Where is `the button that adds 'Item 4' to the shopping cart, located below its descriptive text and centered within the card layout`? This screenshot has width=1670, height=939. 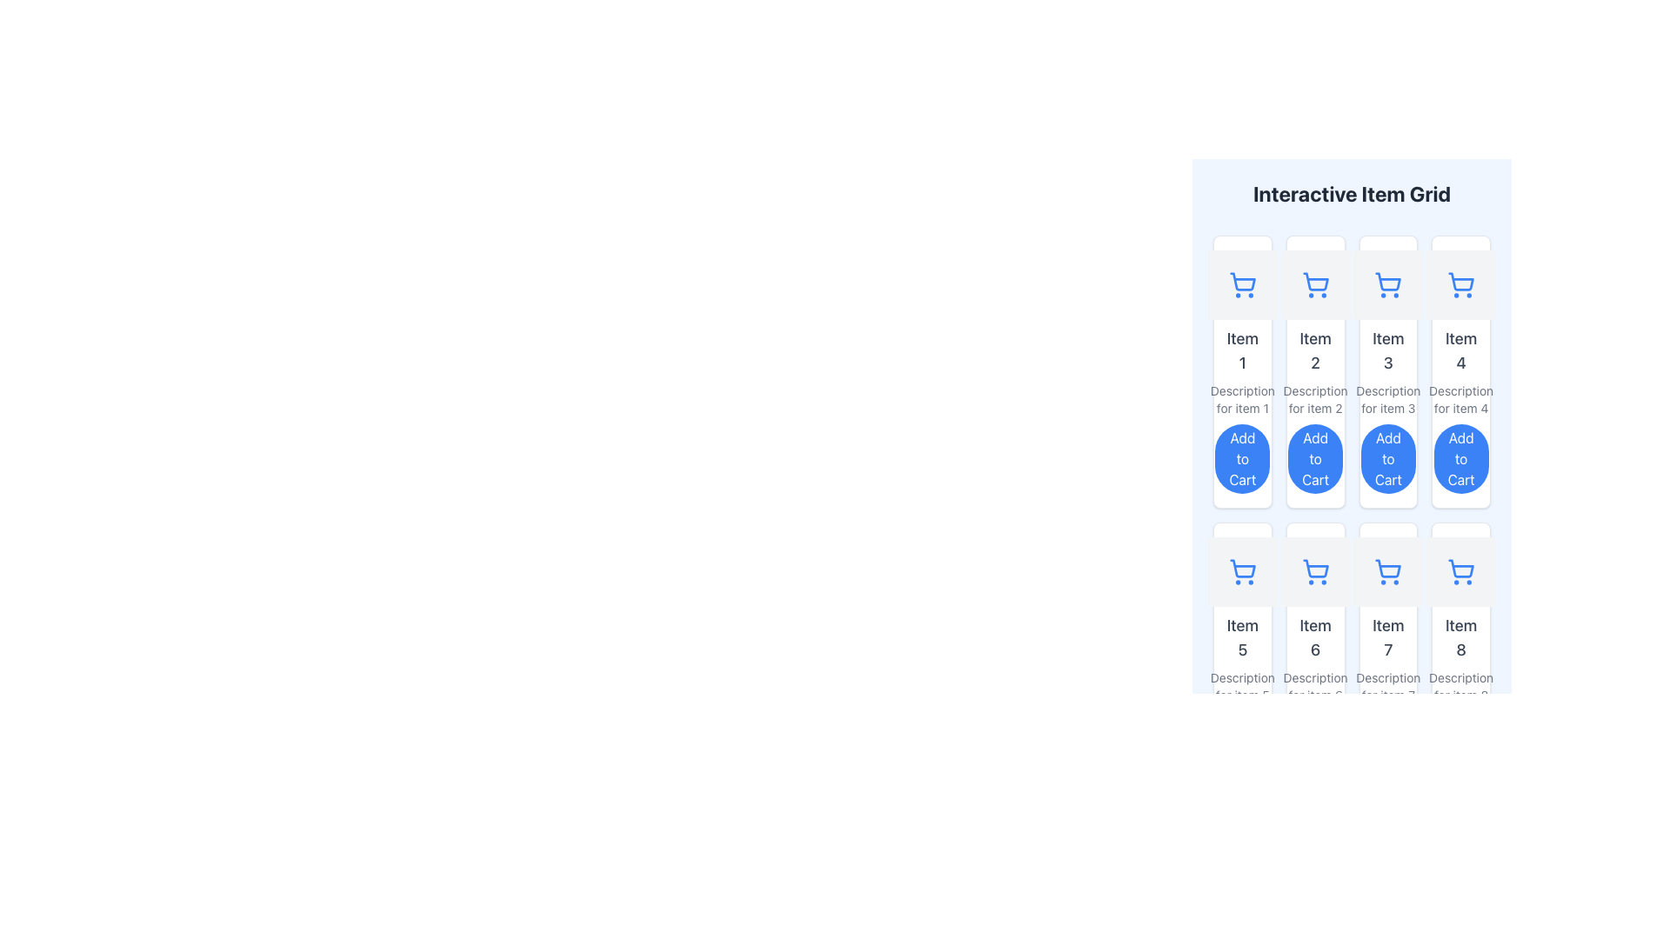
the button that adds 'Item 4' to the shopping cart, located below its descriptive text and centered within the card layout is located at coordinates (1461, 458).